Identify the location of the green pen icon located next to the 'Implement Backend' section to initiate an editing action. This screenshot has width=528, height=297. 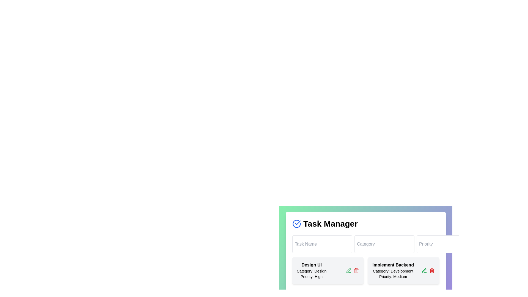
(348, 270).